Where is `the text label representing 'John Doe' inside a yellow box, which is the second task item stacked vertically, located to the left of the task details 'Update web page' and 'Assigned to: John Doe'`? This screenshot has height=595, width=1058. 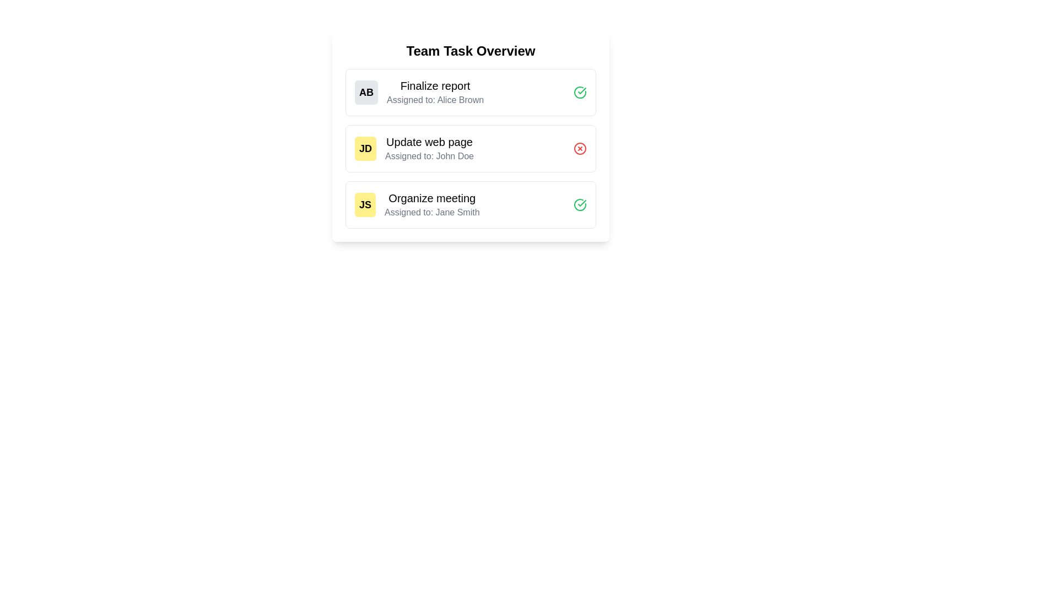 the text label representing 'John Doe' inside a yellow box, which is the second task item stacked vertically, located to the left of the task details 'Update web page' and 'Assigned to: John Doe' is located at coordinates (365, 149).